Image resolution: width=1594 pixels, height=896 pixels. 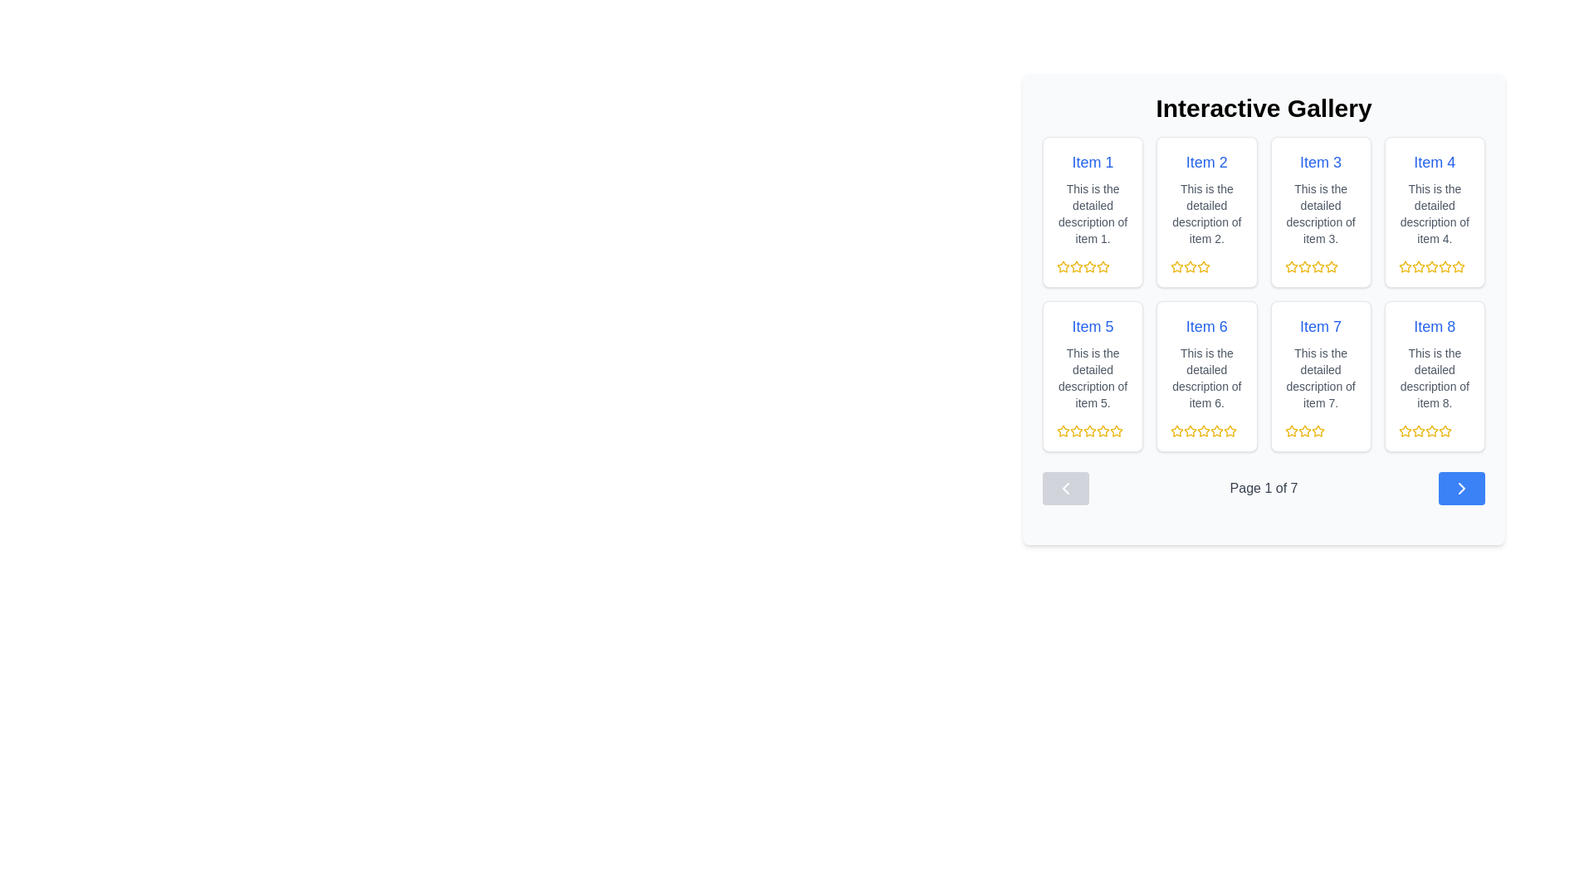 I want to click on the fourth star icon of the 5-star rating widget for 'Item 7' in the interactive gallery for accessibility, so click(x=1317, y=431).